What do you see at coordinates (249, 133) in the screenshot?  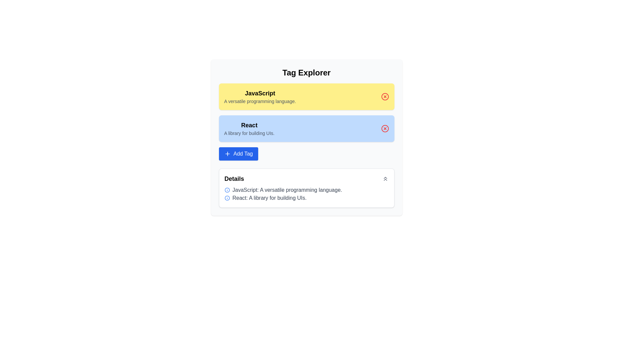 I see `the static text label displaying 'A library for building UIs.' located below the 'React' text` at bounding box center [249, 133].